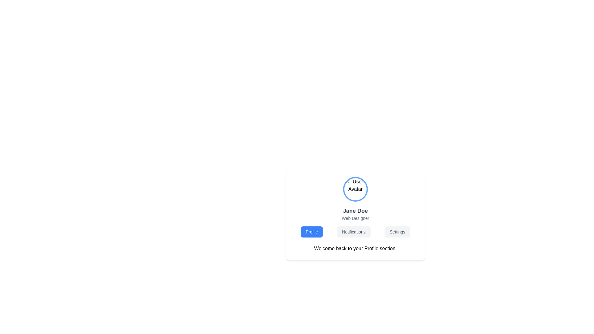 The height and width of the screenshot is (334, 594). What do you see at coordinates (355, 232) in the screenshot?
I see `the 'Notifications' tab in the horizontal navigation menu` at bounding box center [355, 232].